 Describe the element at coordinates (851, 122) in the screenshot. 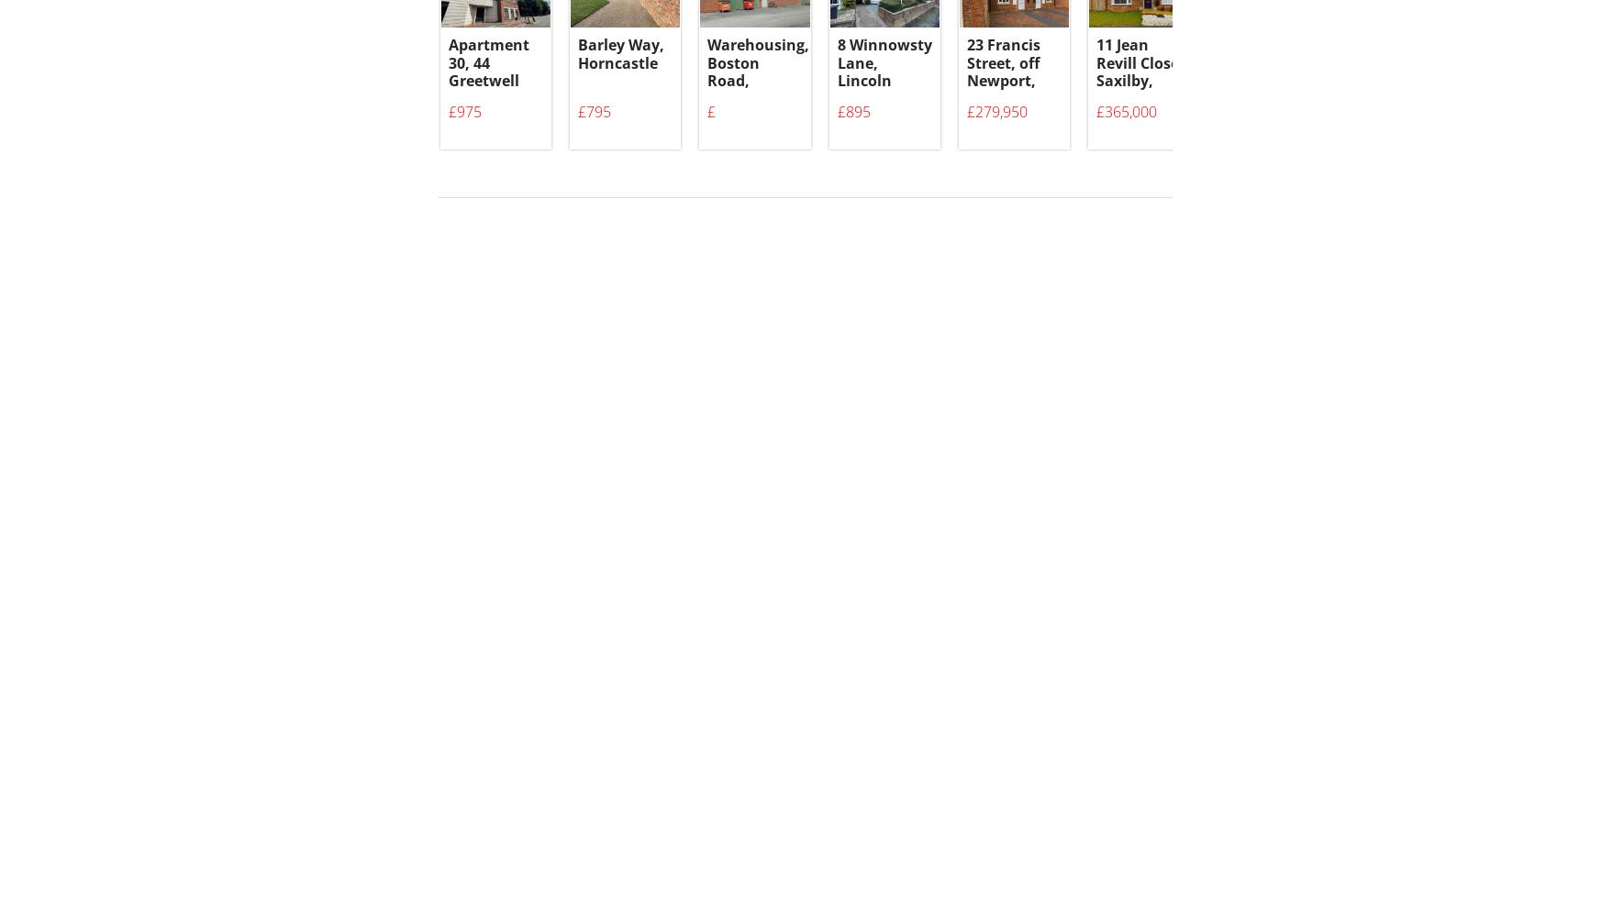

I see `'£895'` at that location.